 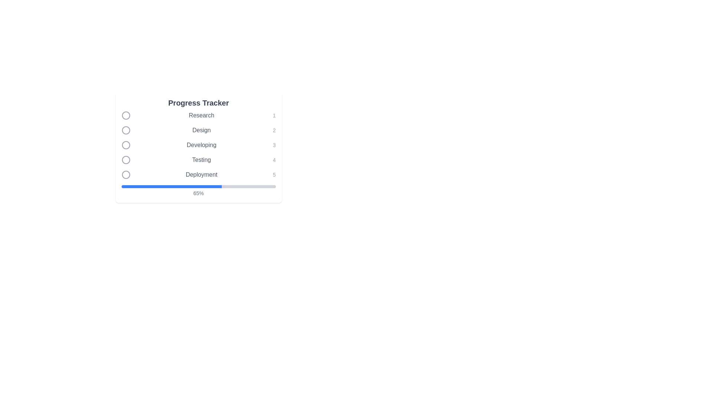 I want to click on the second item in the vertical list of progress stages, which is a Text Label indicating a particular step in the process, so click(x=201, y=130).